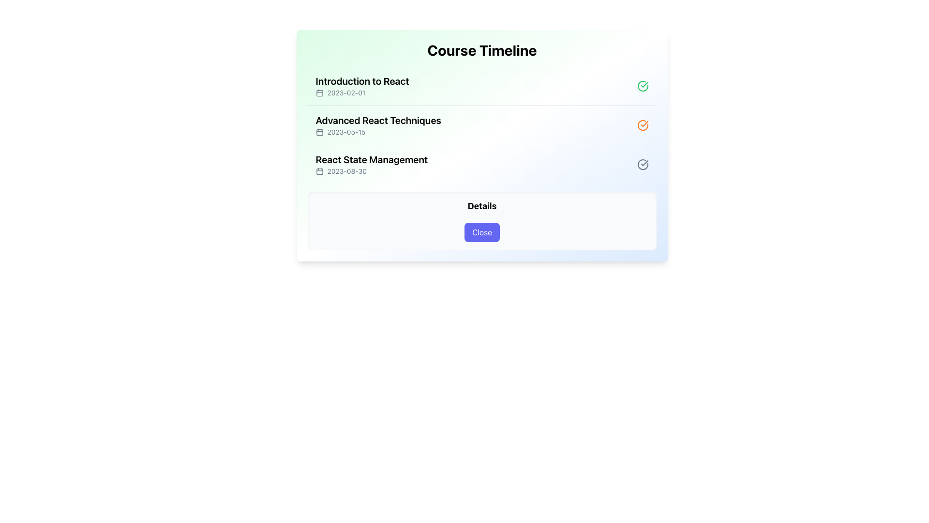  What do you see at coordinates (482, 124) in the screenshot?
I see `to select or expand the course entry for 'Advanced React Techniques' in the Course Timeline list, which is the second item between 'Introduction to React' and 'React State Management'` at bounding box center [482, 124].